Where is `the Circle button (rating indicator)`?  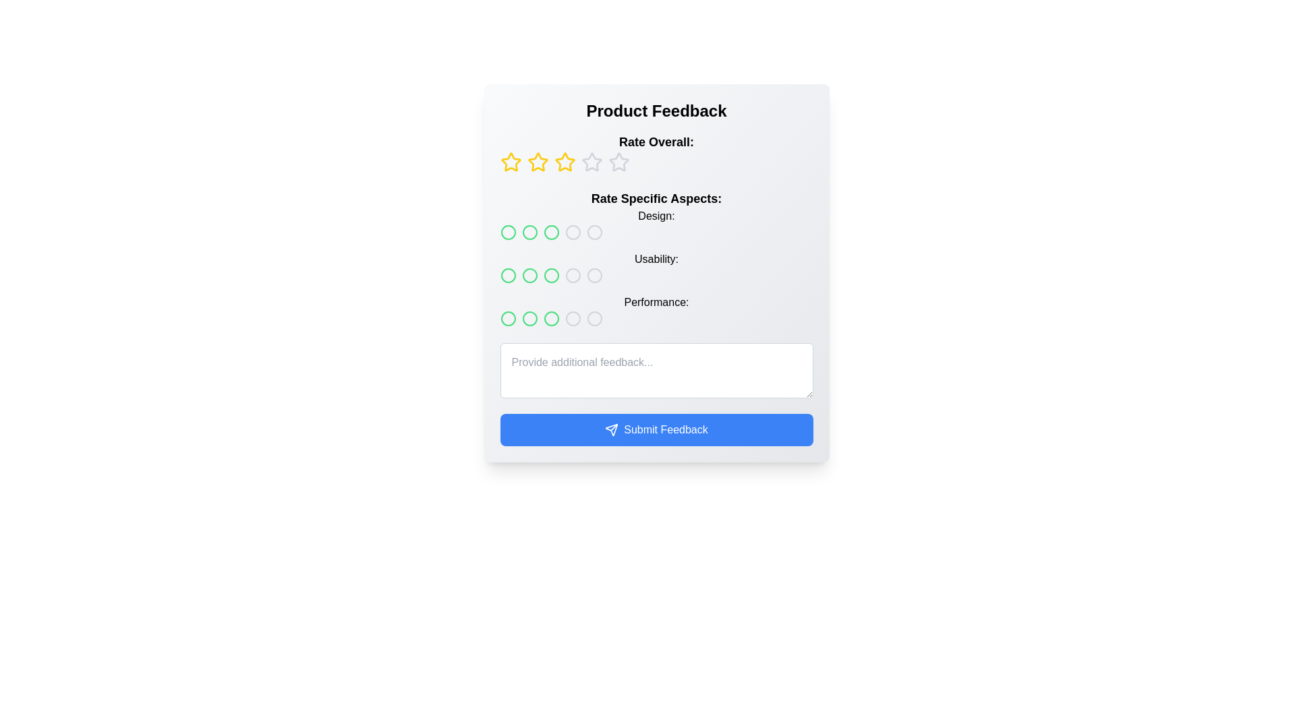 the Circle button (rating indicator) is located at coordinates (594, 274).